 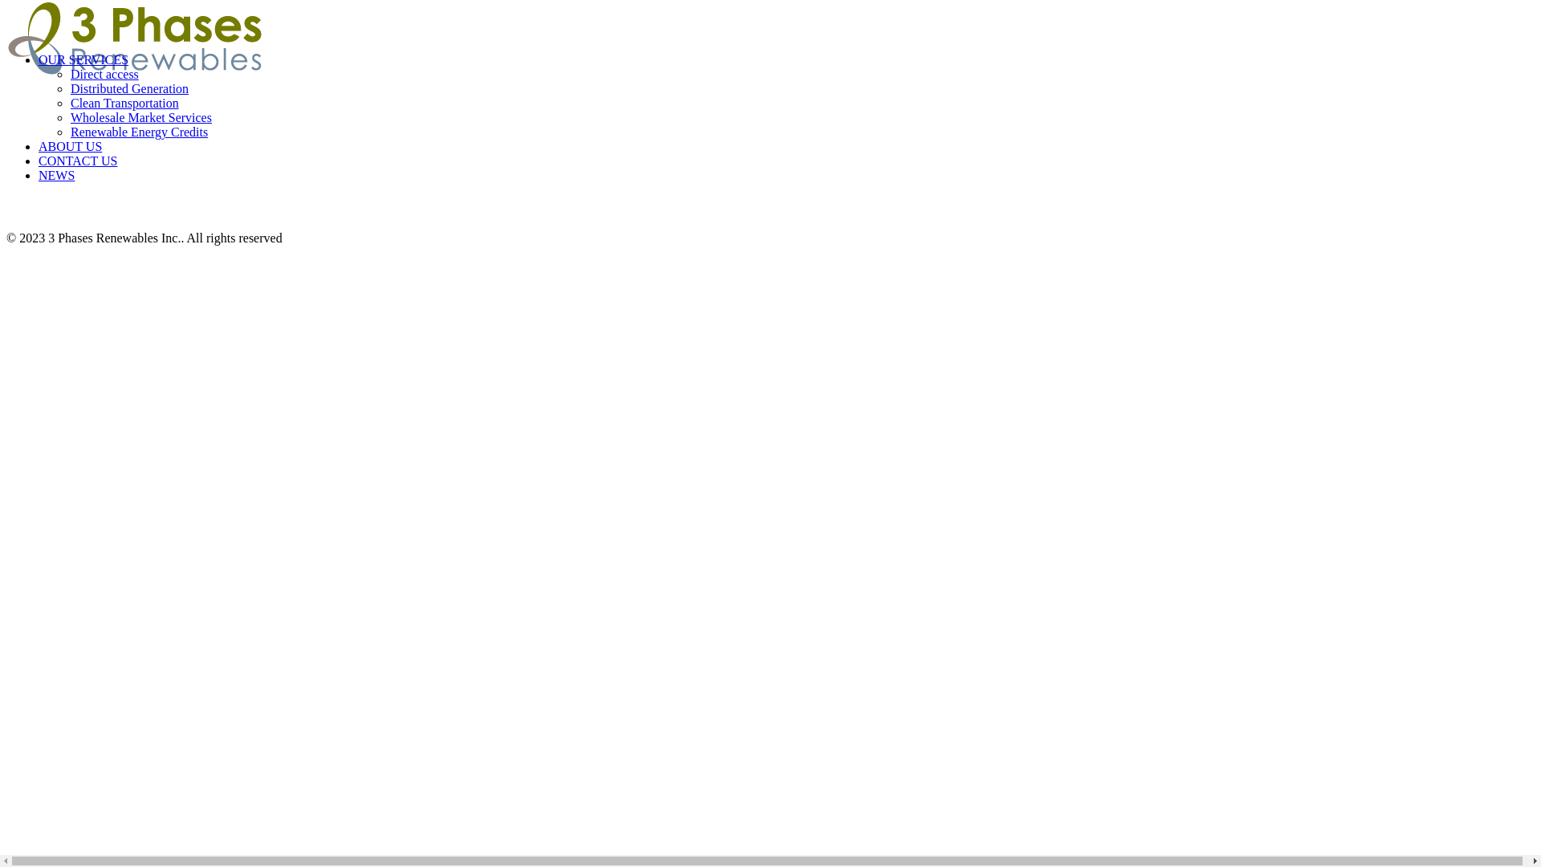 What do you see at coordinates (777, 128) in the screenshot?
I see `'CAREERS'` at bounding box center [777, 128].